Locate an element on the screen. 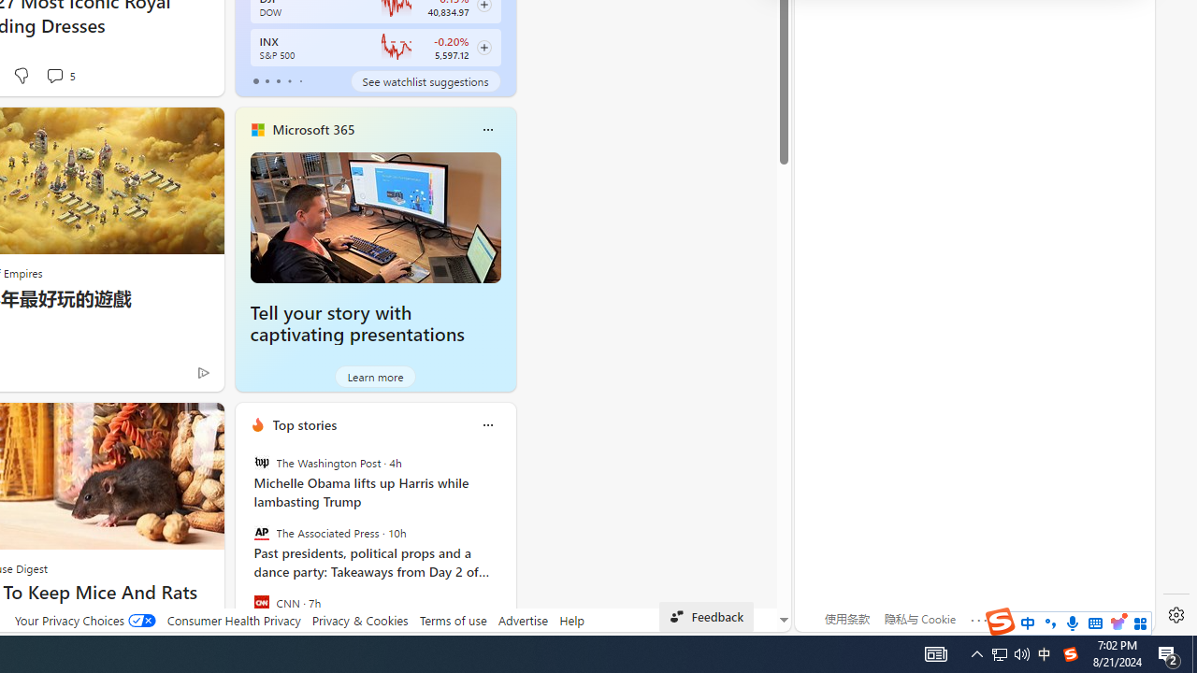 The width and height of the screenshot is (1197, 673). 'See watchlist suggestions' is located at coordinates (425, 80).